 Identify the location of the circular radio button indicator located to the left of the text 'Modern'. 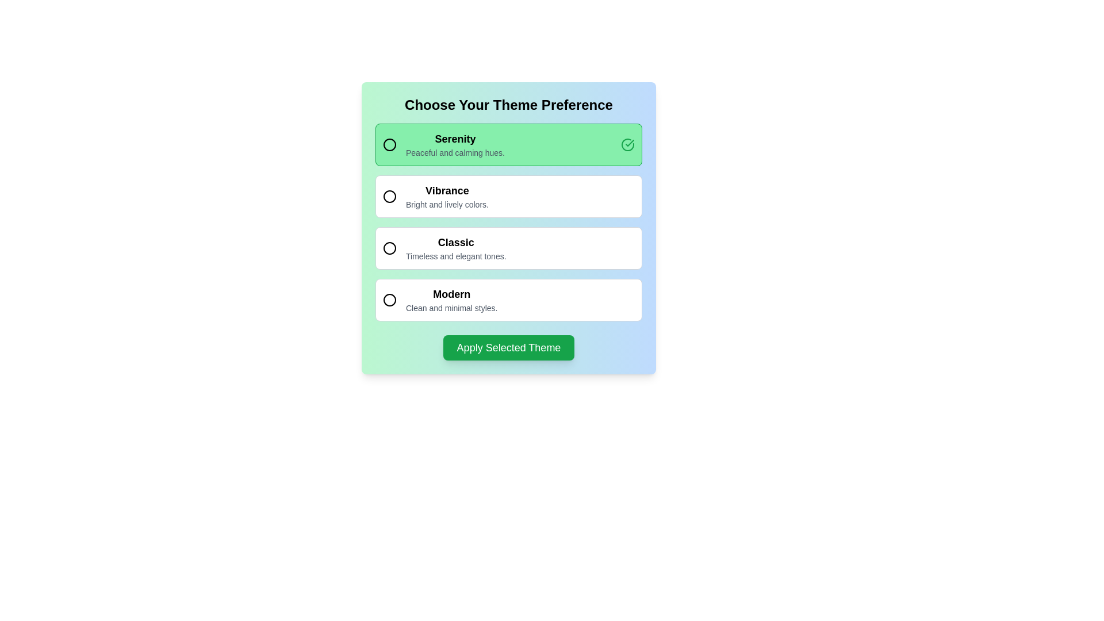
(389, 299).